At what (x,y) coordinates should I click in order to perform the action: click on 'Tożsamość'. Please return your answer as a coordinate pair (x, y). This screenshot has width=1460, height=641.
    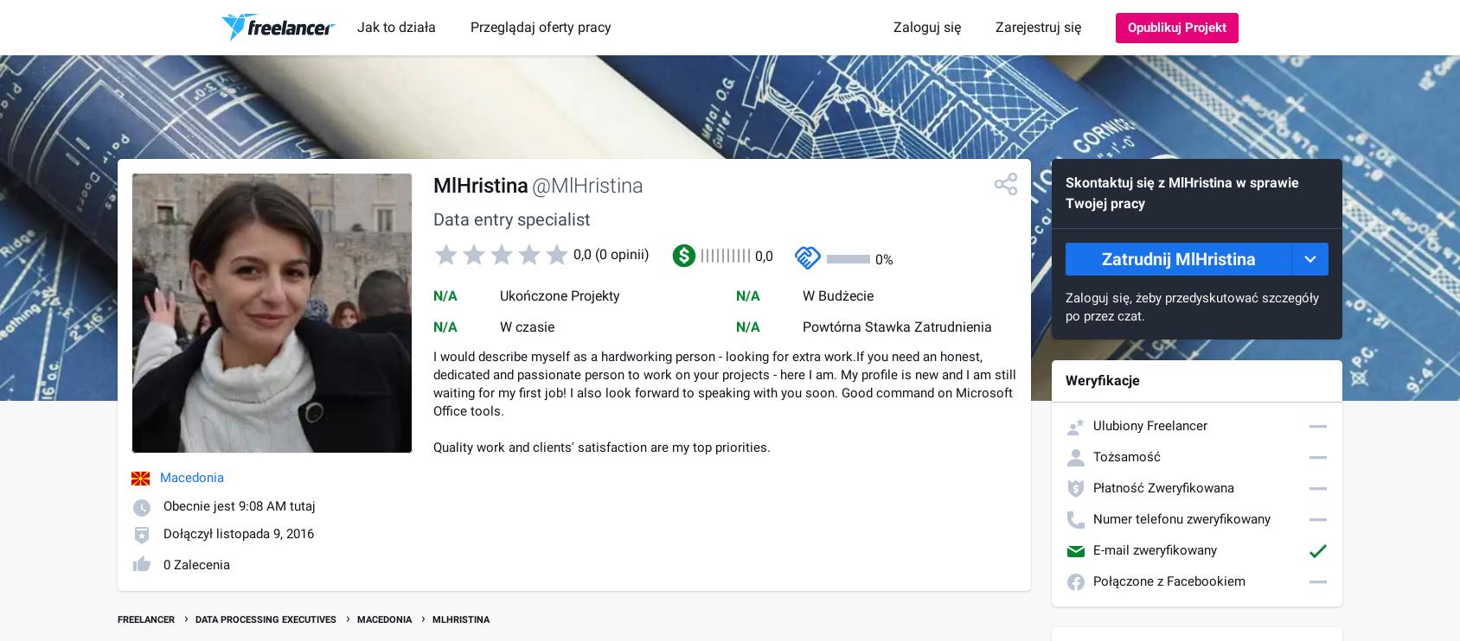
    Looking at the image, I should click on (1125, 456).